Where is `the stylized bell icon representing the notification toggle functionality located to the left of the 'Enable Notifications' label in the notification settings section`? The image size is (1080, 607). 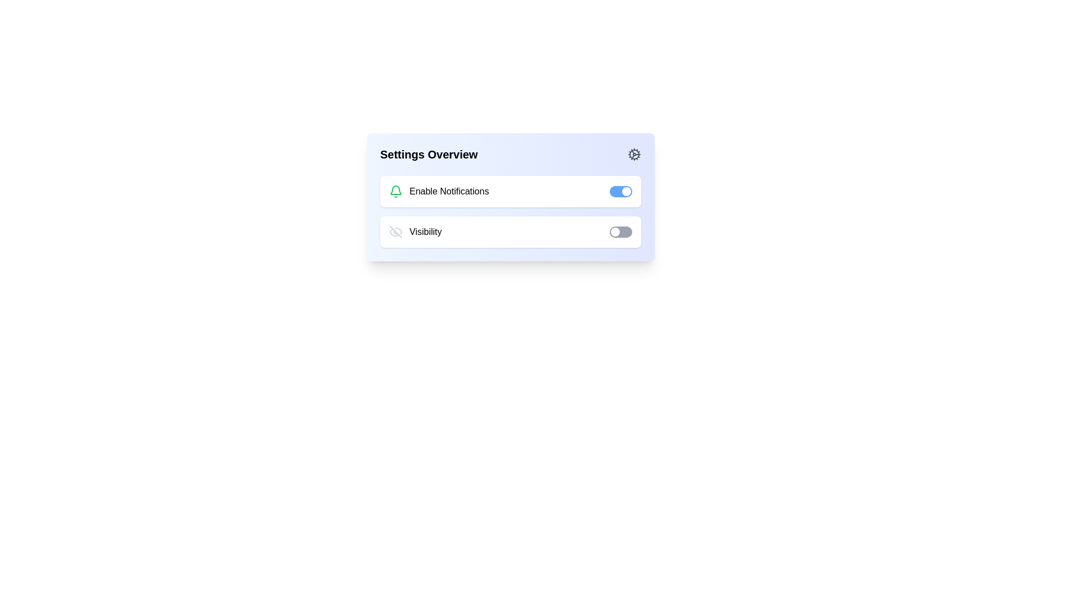
the stylized bell icon representing the notification toggle functionality located to the left of the 'Enable Notifications' label in the notification settings section is located at coordinates (396, 191).